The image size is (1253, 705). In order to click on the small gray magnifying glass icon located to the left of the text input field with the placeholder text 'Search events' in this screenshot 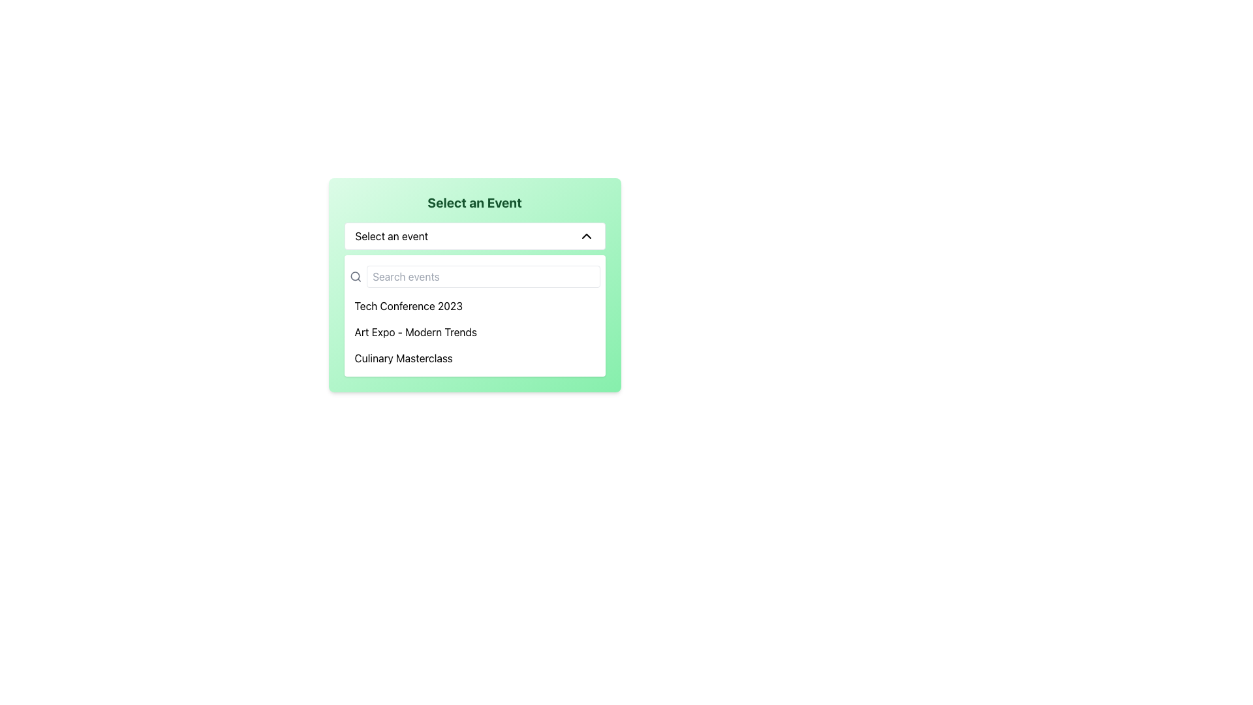, I will do `click(355, 276)`.